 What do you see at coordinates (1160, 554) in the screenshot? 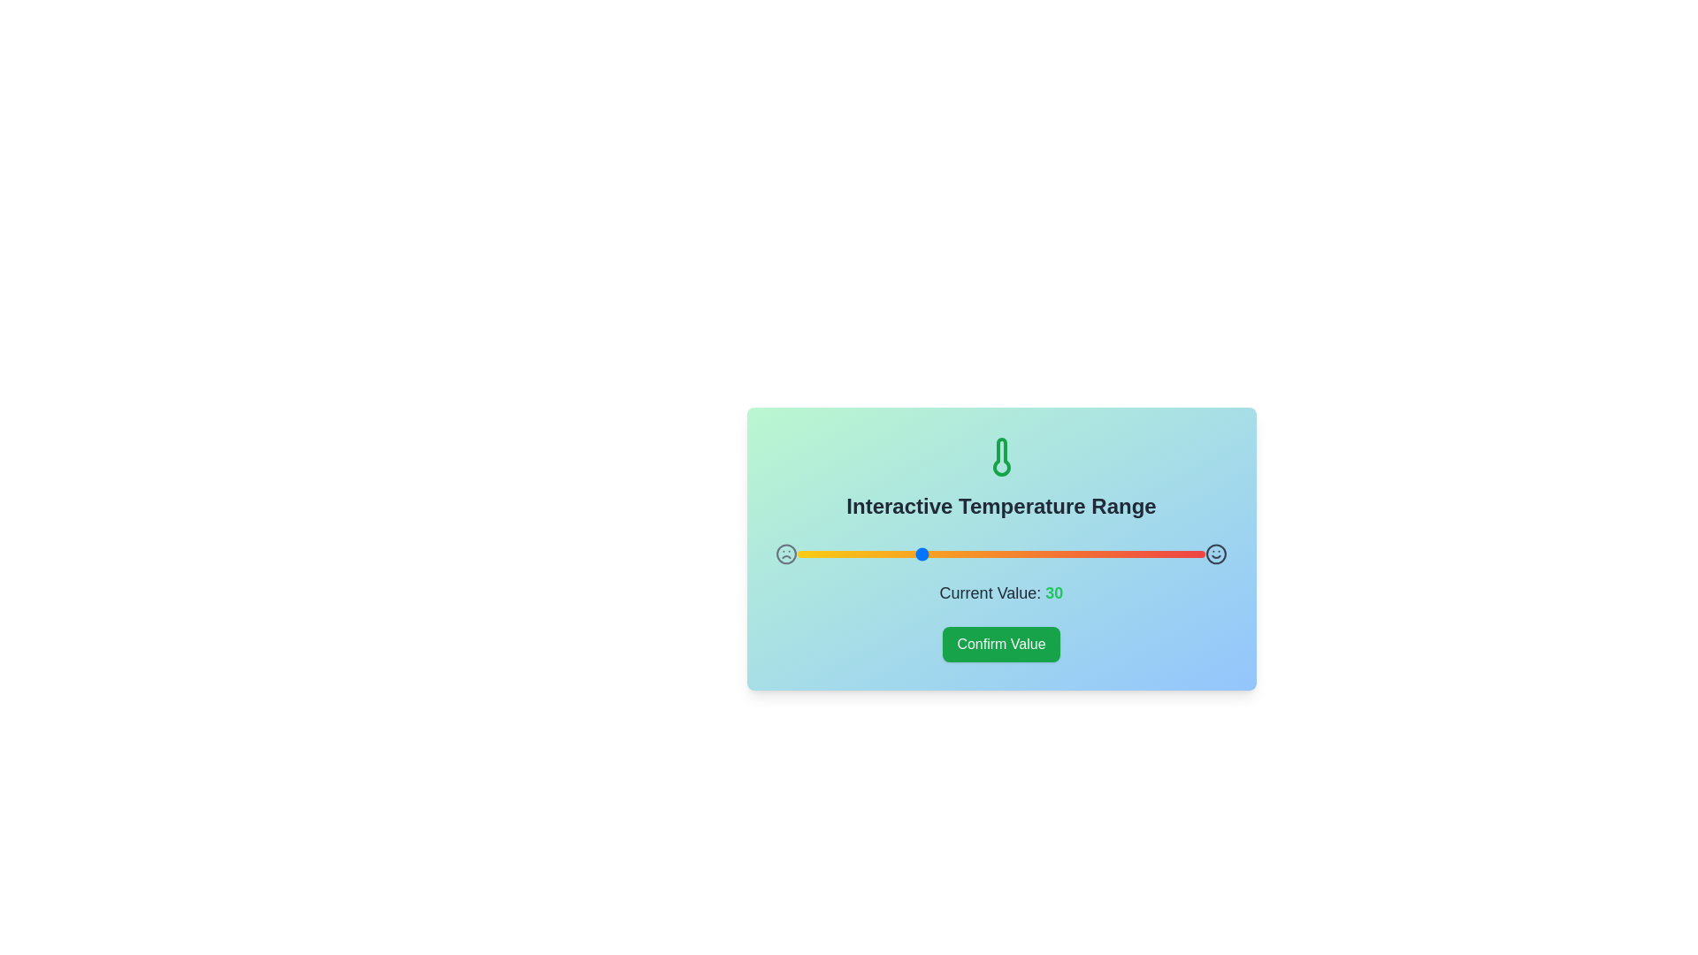
I see `the range slider to set the value to 89` at bounding box center [1160, 554].